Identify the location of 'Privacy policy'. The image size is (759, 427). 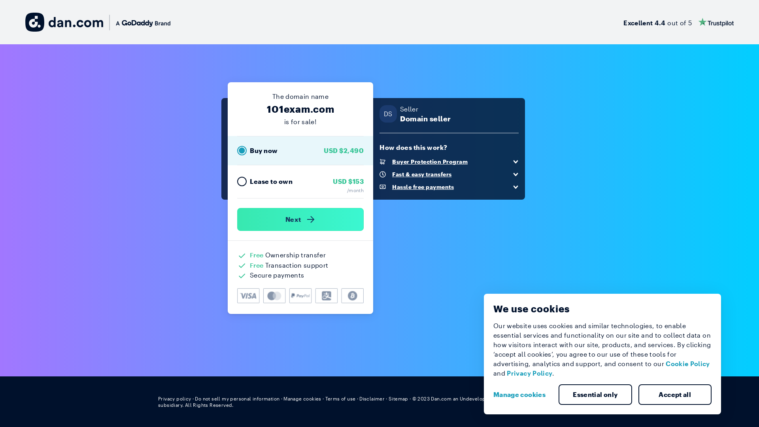
(174, 398).